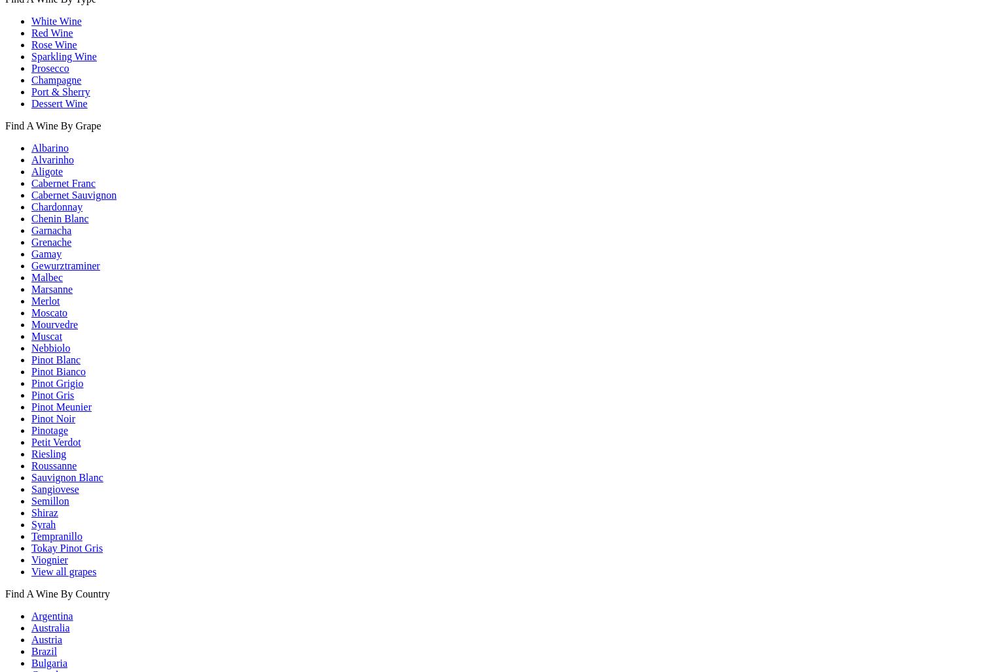 Image resolution: width=998 pixels, height=672 pixels. Describe the element at coordinates (52, 288) in the screenshot. I see `'Marsanne'` at that location.